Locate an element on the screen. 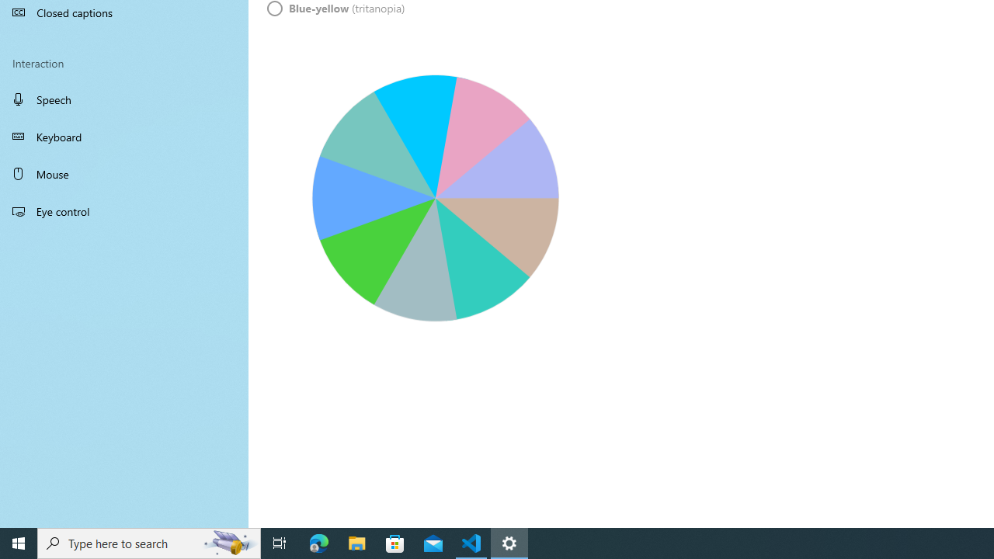 Image resolution: width=994 pixels, height=559 pixels. 'Search highlights icon opens search home window' is located at coordinates (228, 542).